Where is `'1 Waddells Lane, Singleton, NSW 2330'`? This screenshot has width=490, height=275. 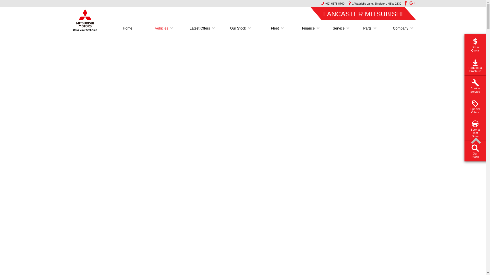
'1 Waddells Lane, Singleton, NSW 2330' is located at coordinates (346, 4).